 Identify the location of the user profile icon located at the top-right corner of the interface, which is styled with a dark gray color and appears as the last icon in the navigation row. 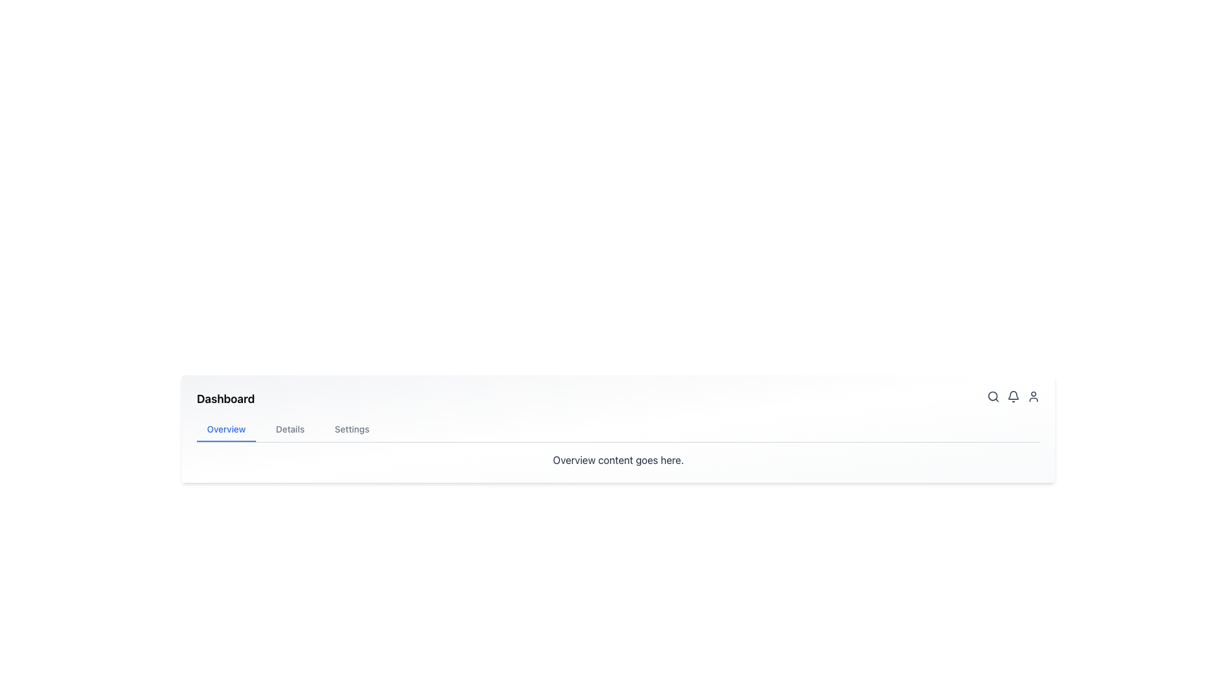
(1033, 397).